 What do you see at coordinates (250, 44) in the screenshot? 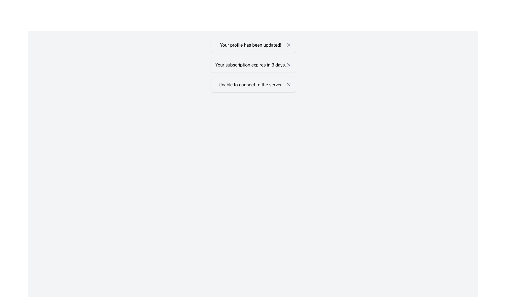
I see `the static text element displaying the message 'Your profile has been updated!' which is located in a green-themed notification box at the top of the list` at bounding box center [250, 44].